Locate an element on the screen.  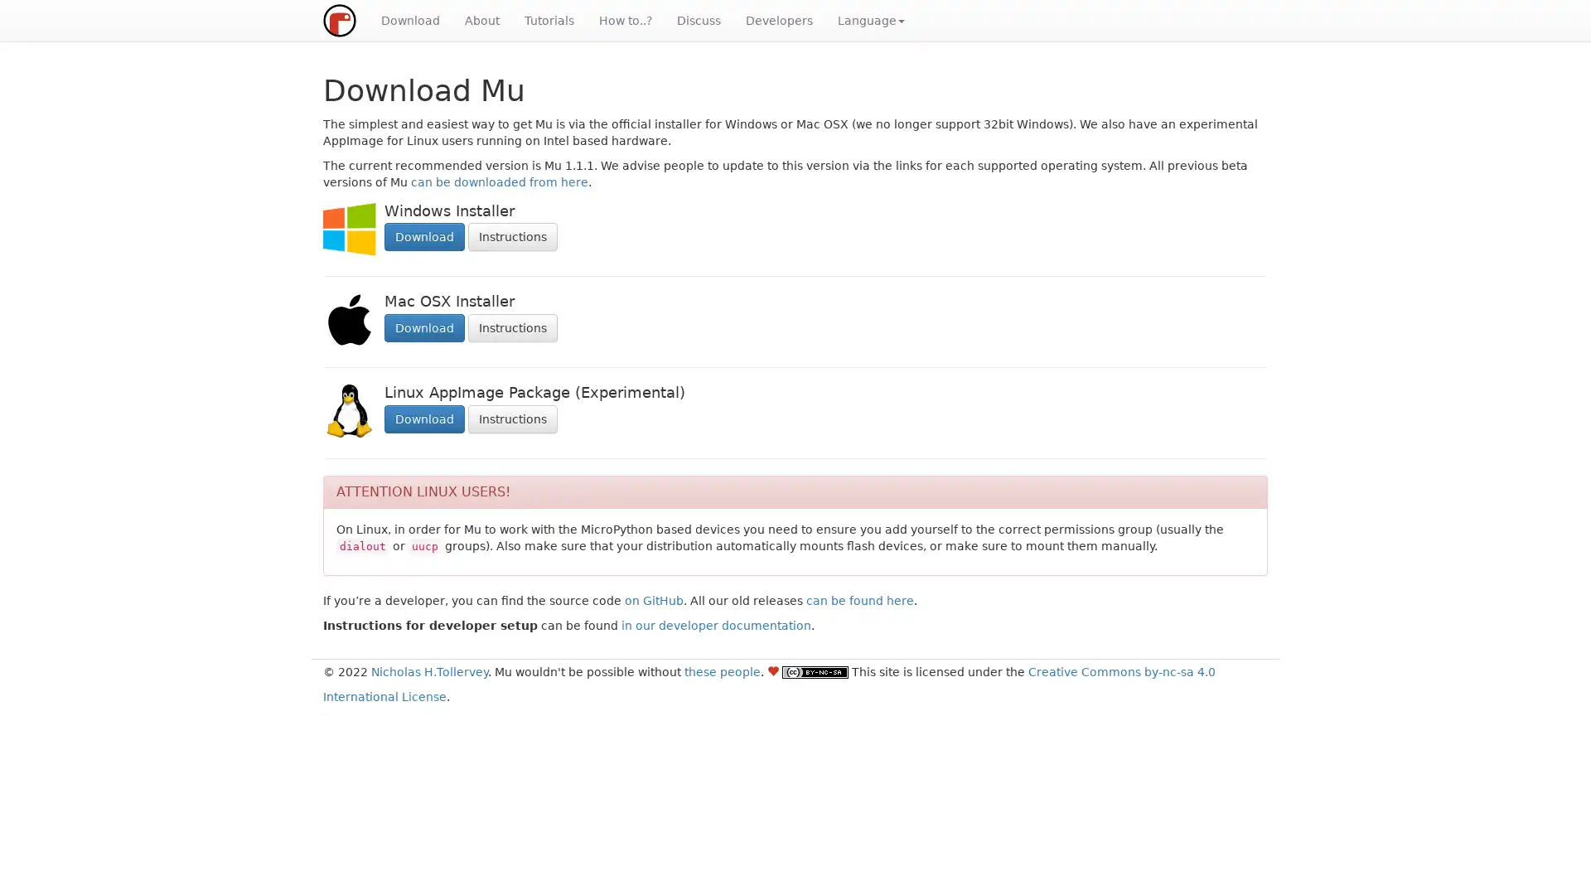
Instructions is located at coordinates (512, 236).